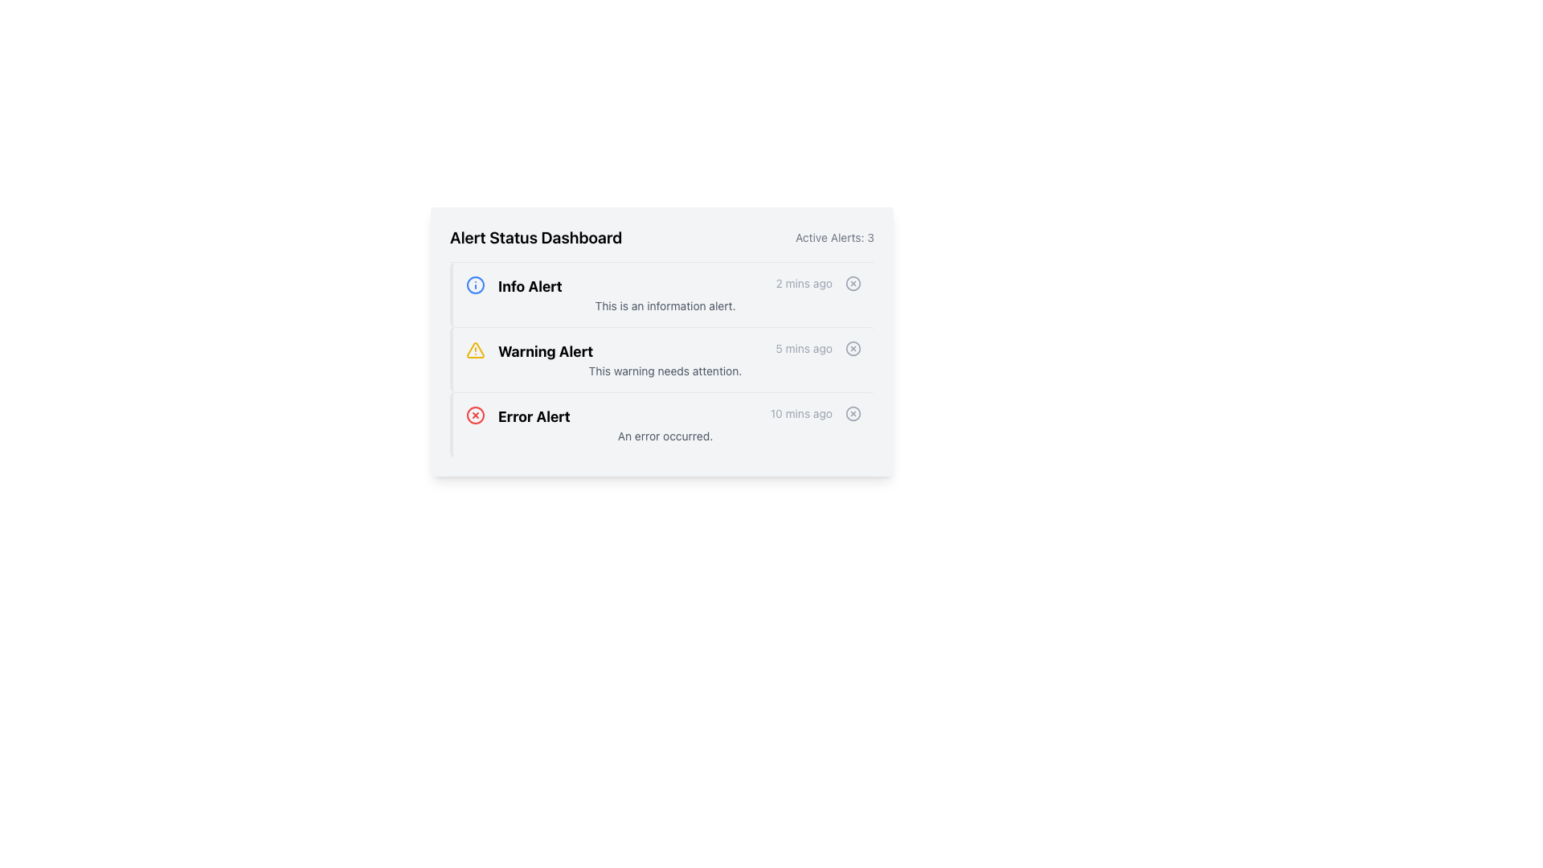 This screenshot has height=868, width=1543. I want to click on the Text Label displaying '2 mins ago', which is located to the right of 'Info Alert' in the Alert Status Dashboard, so click(804, 286).